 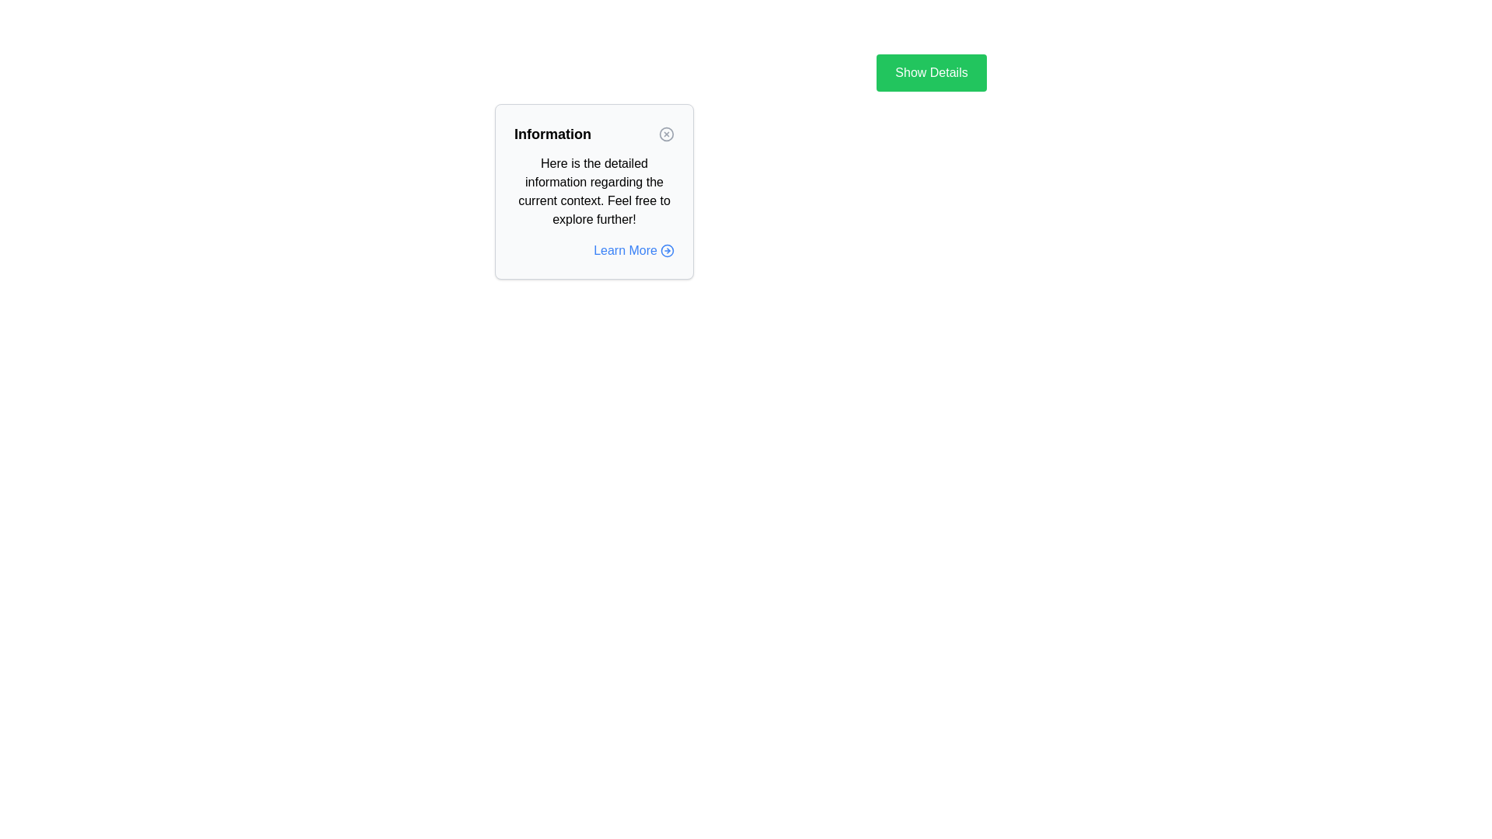 I want to click on the button with a gray circular icon featuring an 'X' mark, located in the top-right corner of the 'Information' section, next to the bolded title 'Information', so click(x=667, y=134).